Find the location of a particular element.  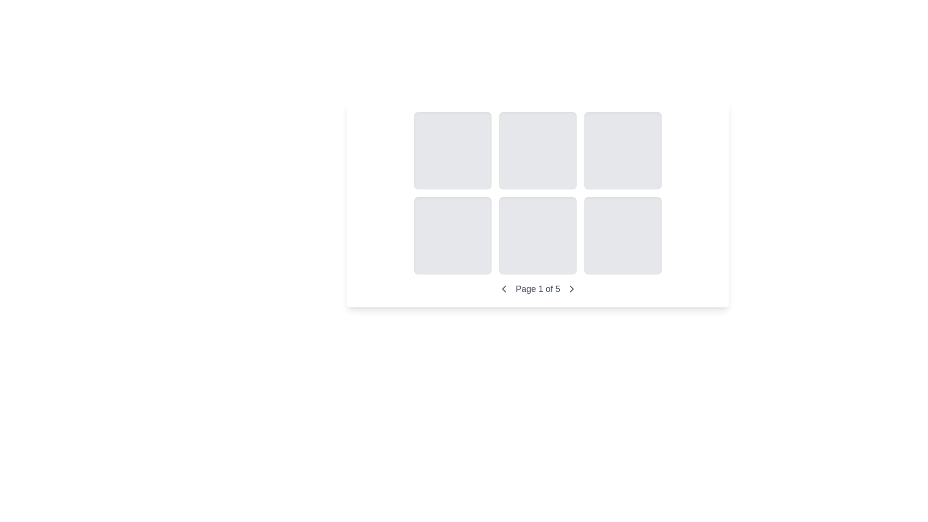

the back navigation icon, which is a graphical marker positioned inside an SVG element near the left side of the pagination indicator at the bottom of the interface is located at coordinates (503, 288).